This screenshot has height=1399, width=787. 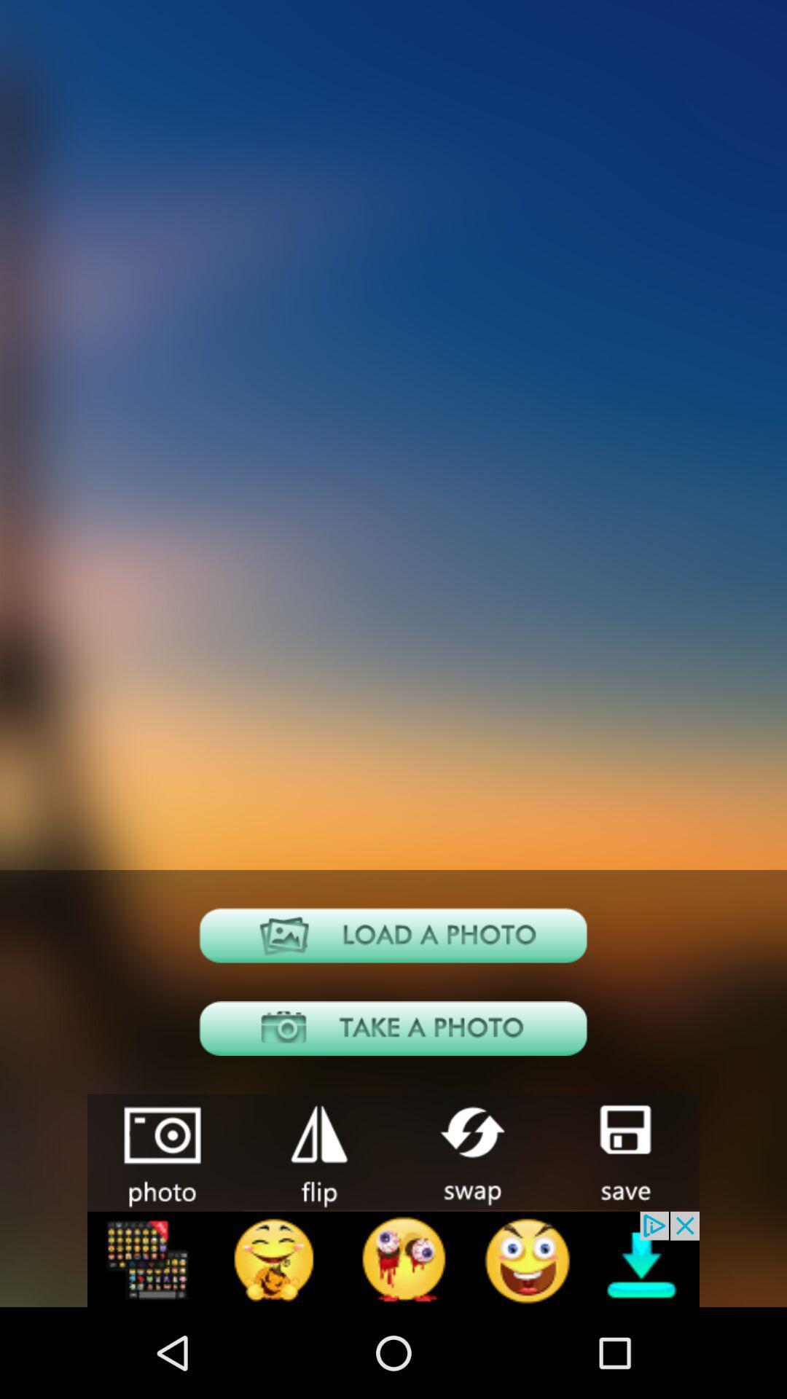 What do you see at coordinates (623, 1151) in the screenshot?
I see `save` at bounding box center [623, 1151].